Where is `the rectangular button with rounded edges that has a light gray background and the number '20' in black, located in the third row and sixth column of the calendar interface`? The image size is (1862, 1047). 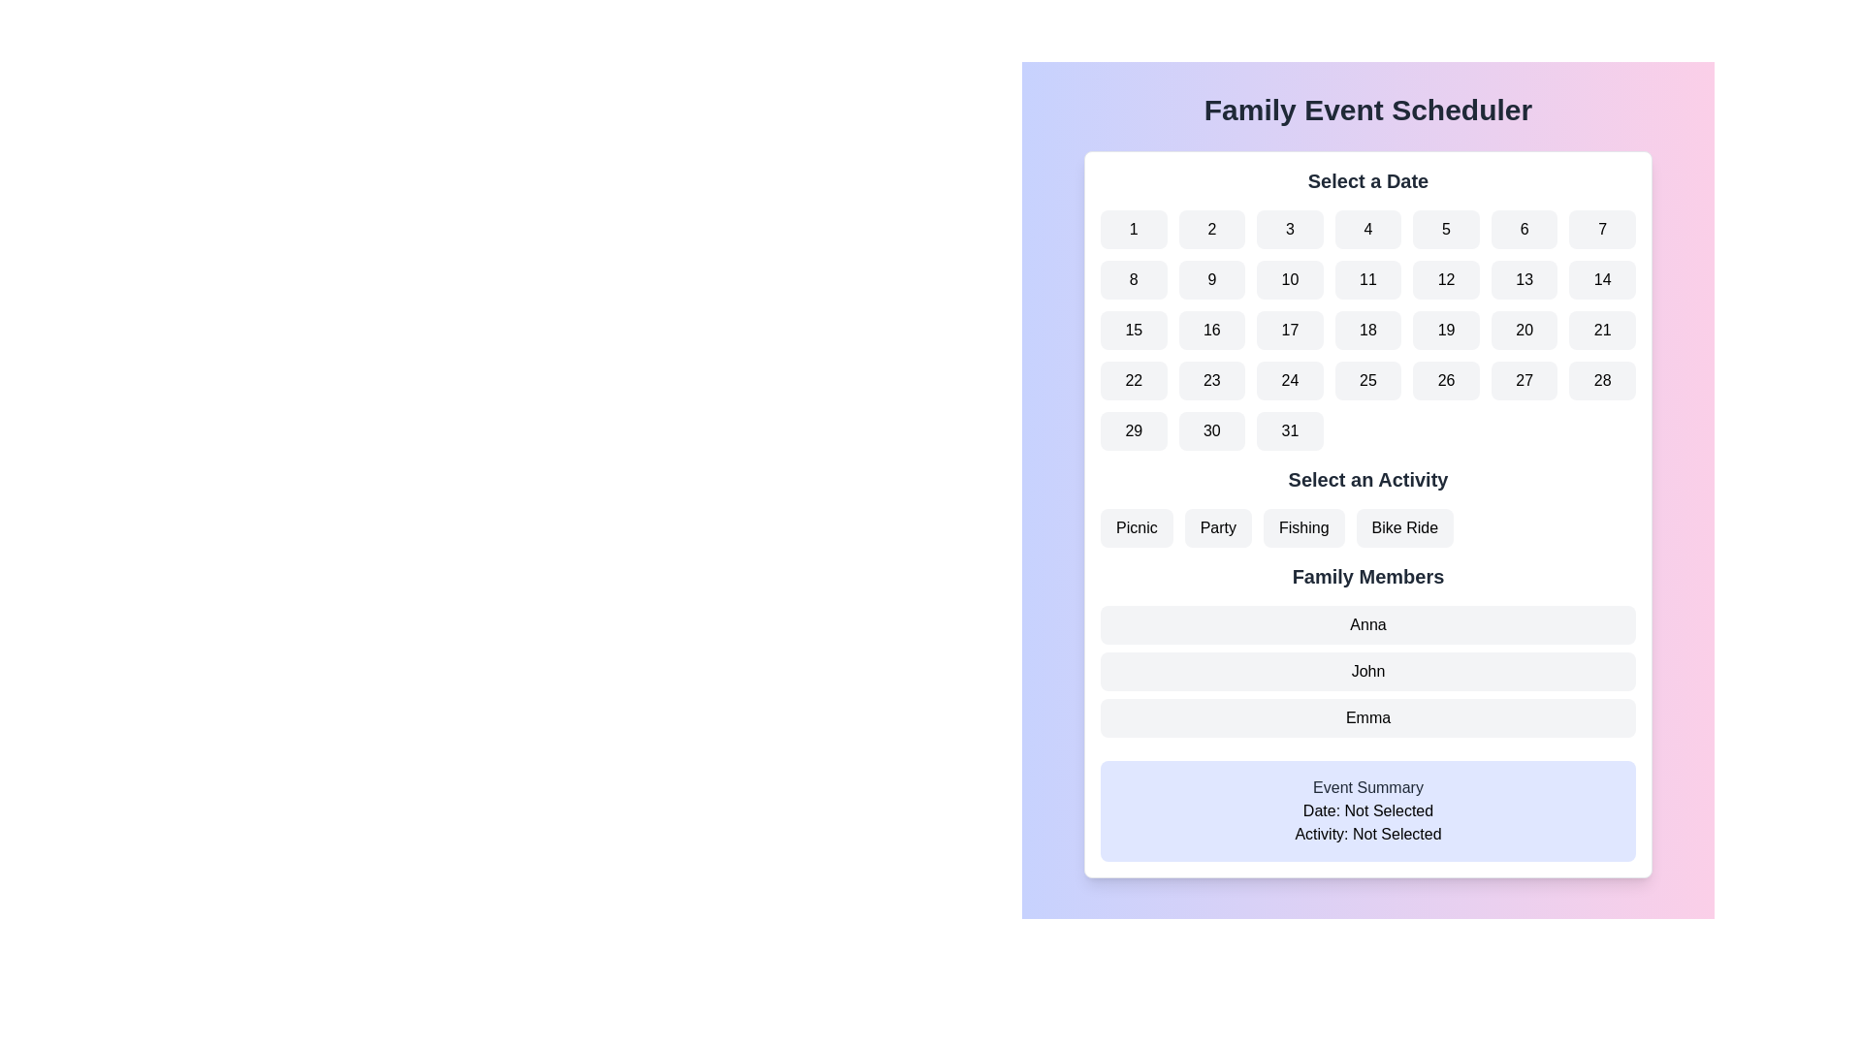
the rectangular button with rounded edges that has a light gray background and the number '20' in black, located in the third row and sixth column of the calendar interface is located at coordinates (1524, 329).